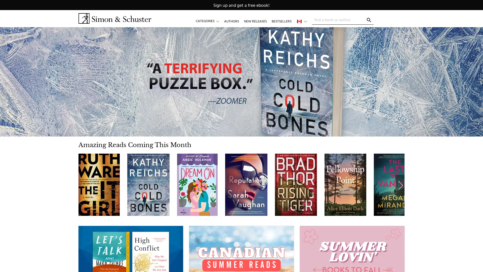 This screenshot has height=272, width=483. I want to click on BESTSELLERS, so click(281, 21).